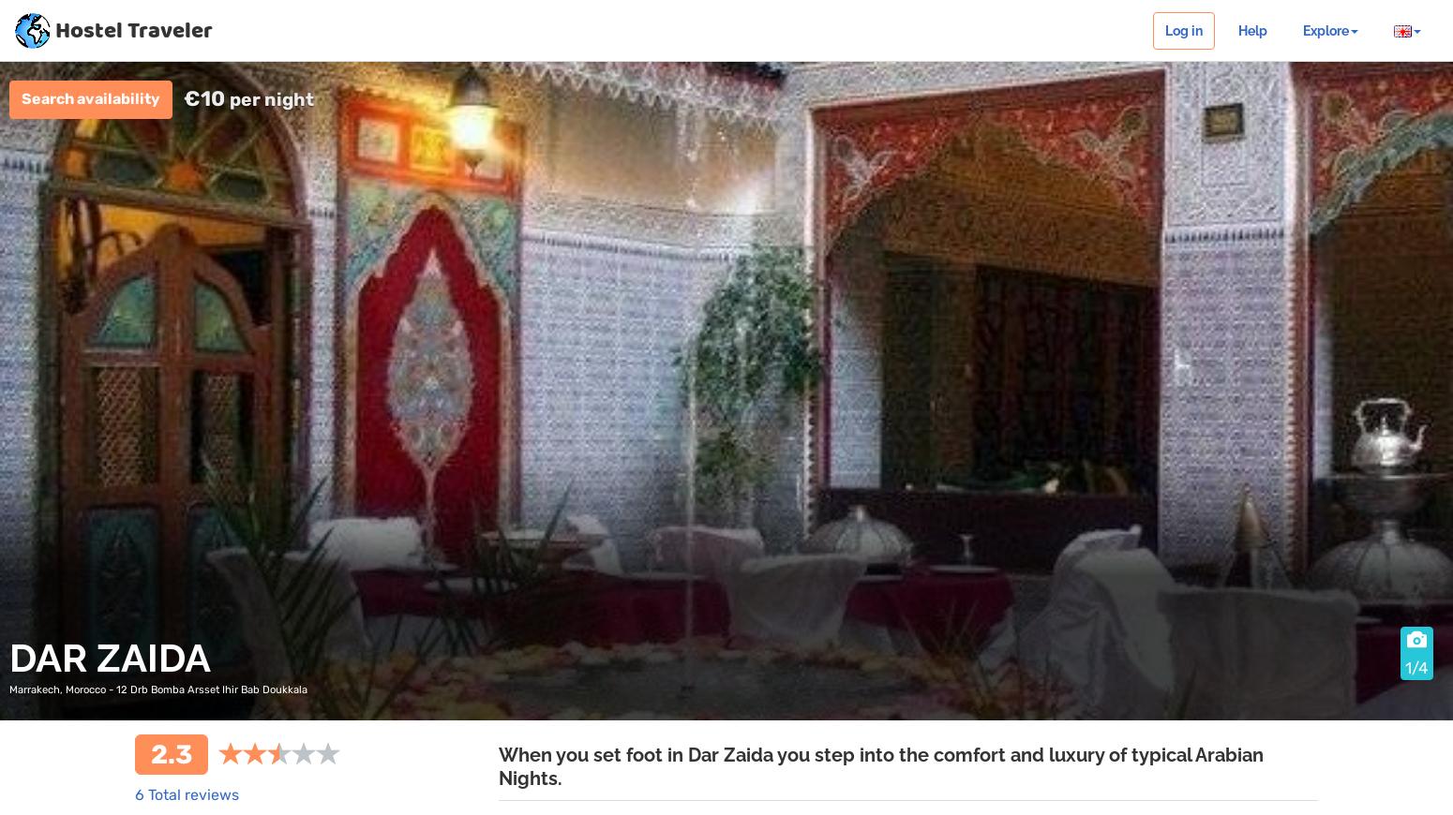 The width and height of the screenshot is (1453, 815). What do you see at coordinates (91, 97) in the screenshot?
I see `'Search availability'` at bounding box center [91, 97].